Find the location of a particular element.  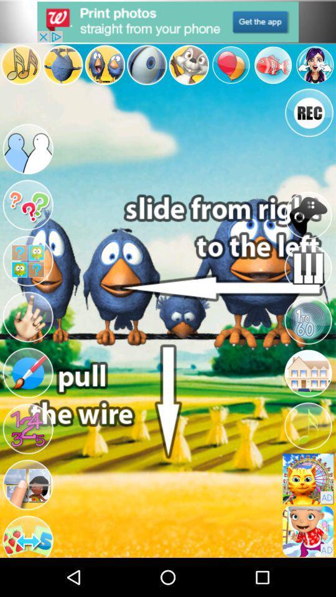

the help icon is located at coordinates (27, 220).